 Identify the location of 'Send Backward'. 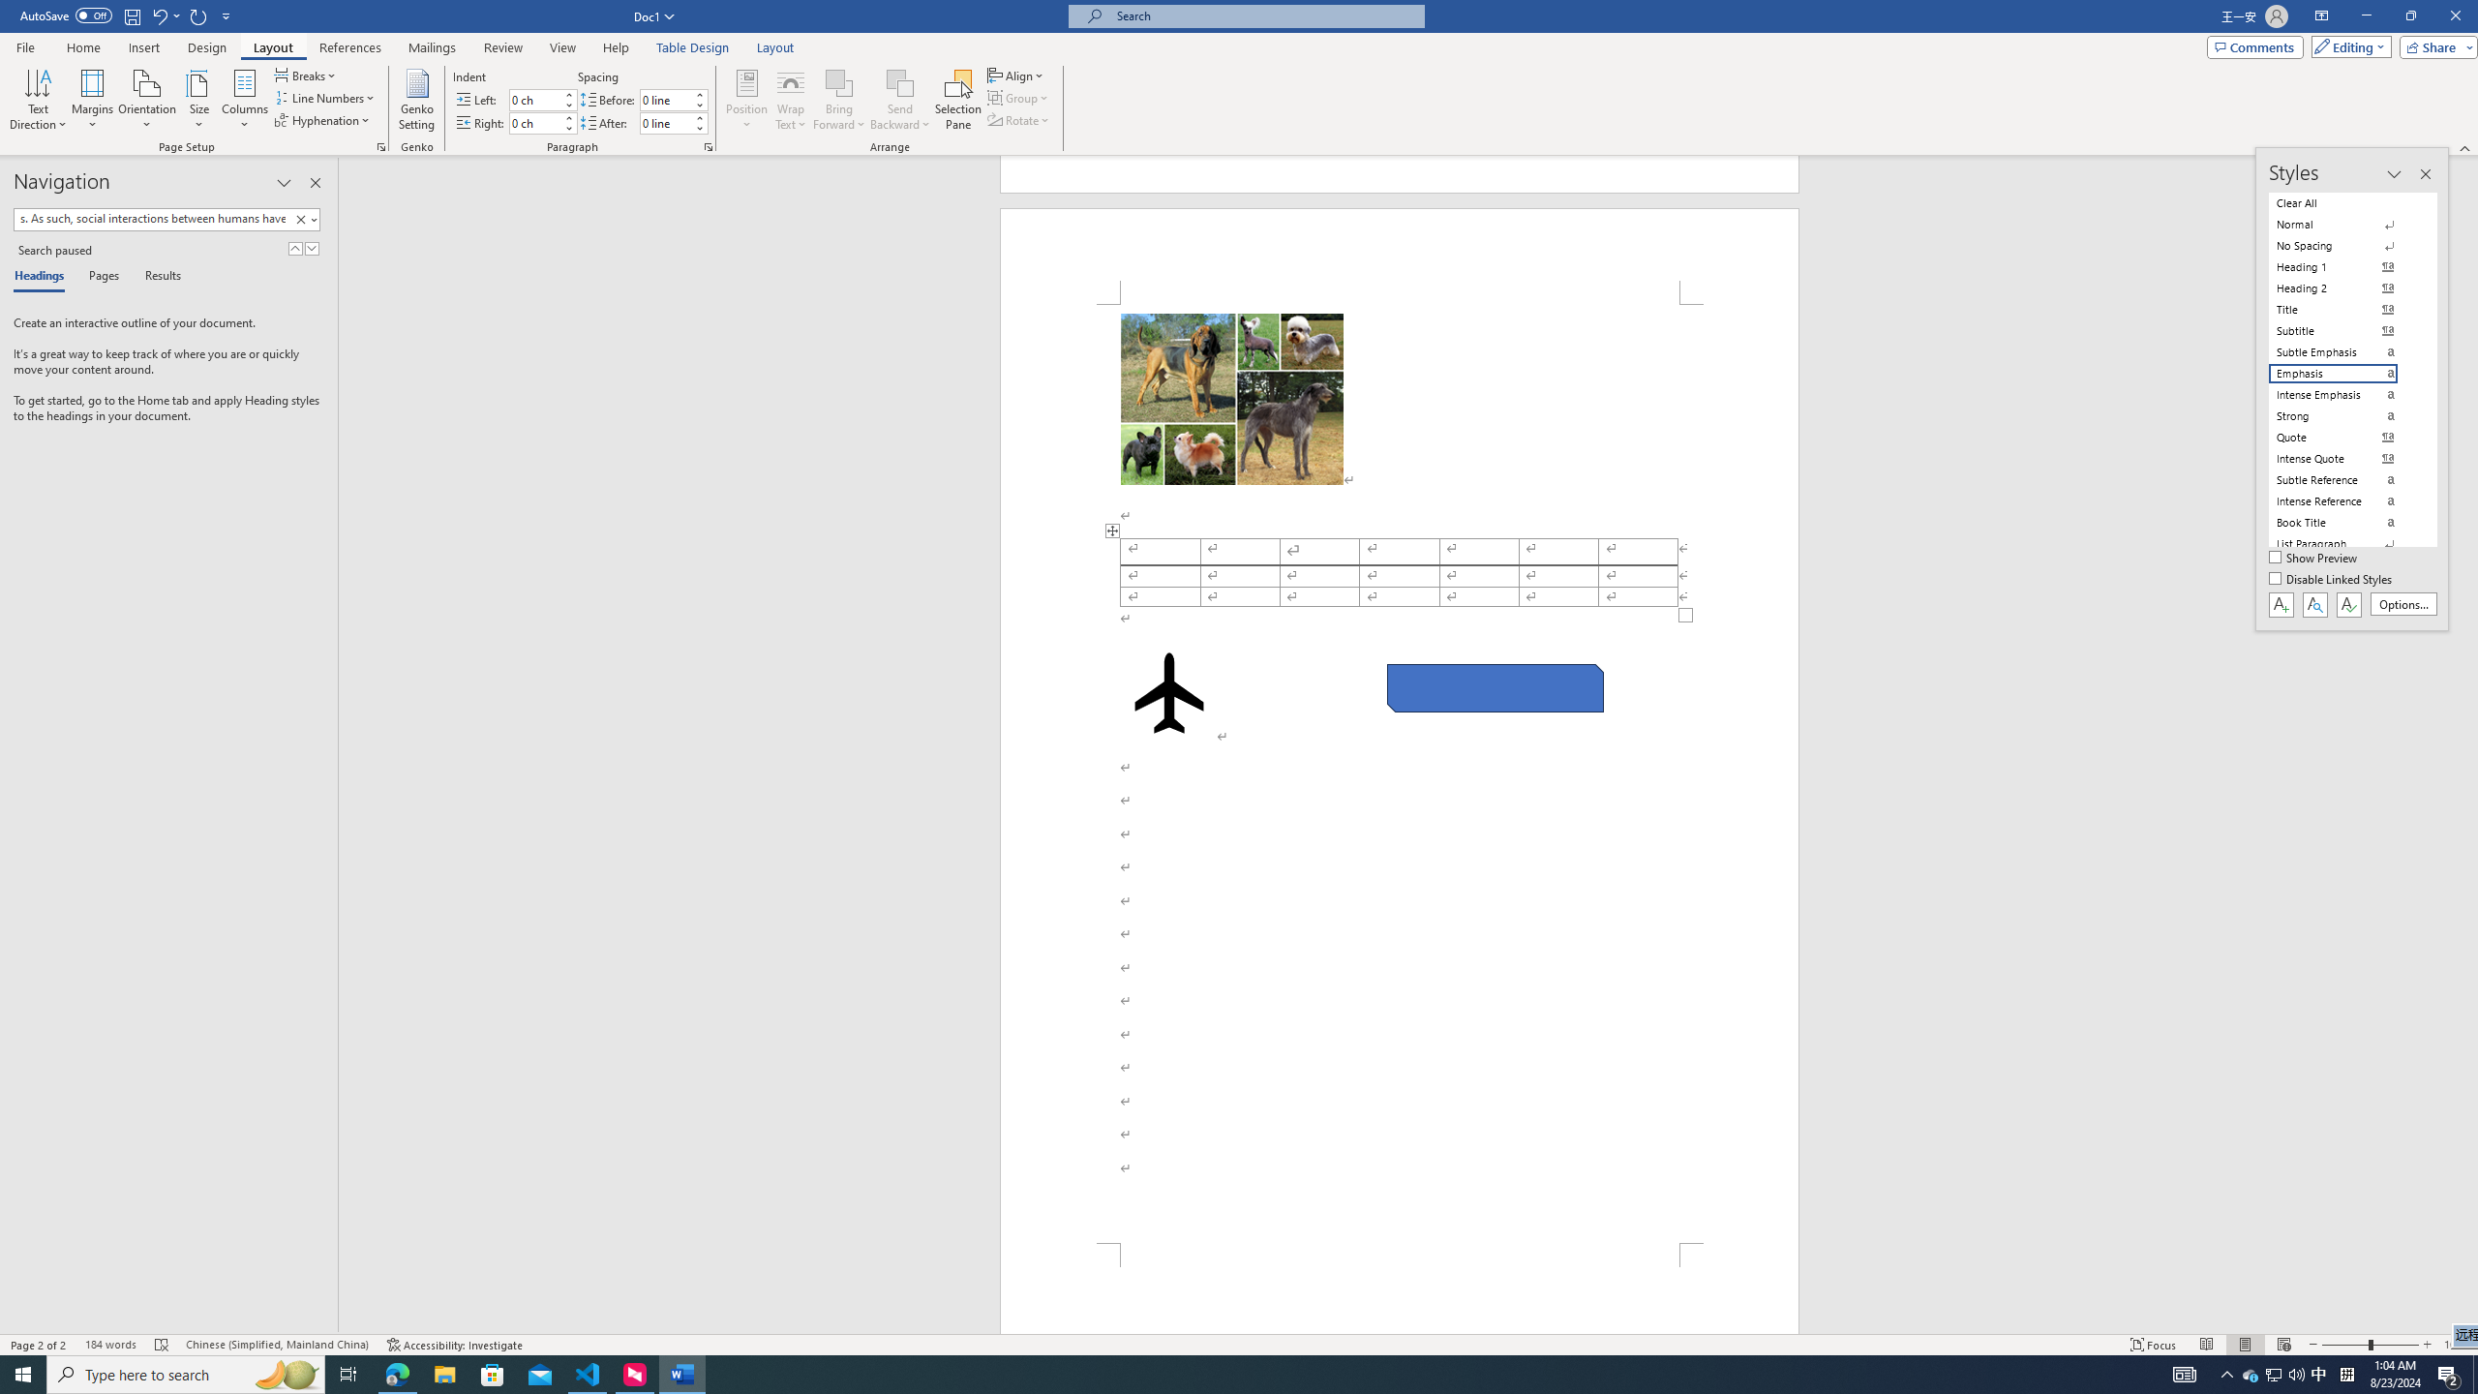
(899, 81).